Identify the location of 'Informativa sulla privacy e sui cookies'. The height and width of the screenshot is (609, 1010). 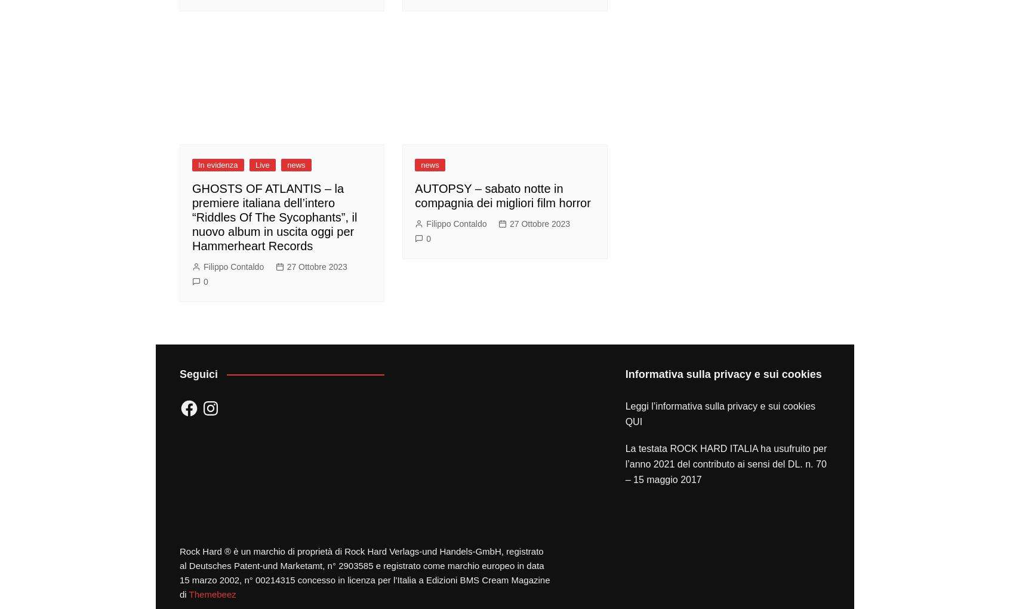
(723, 373).